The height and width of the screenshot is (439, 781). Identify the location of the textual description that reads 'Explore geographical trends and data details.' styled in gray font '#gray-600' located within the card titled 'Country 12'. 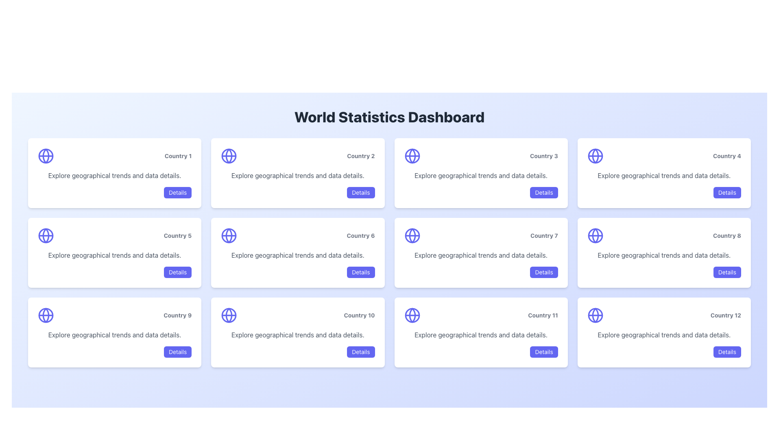
(664, 335).